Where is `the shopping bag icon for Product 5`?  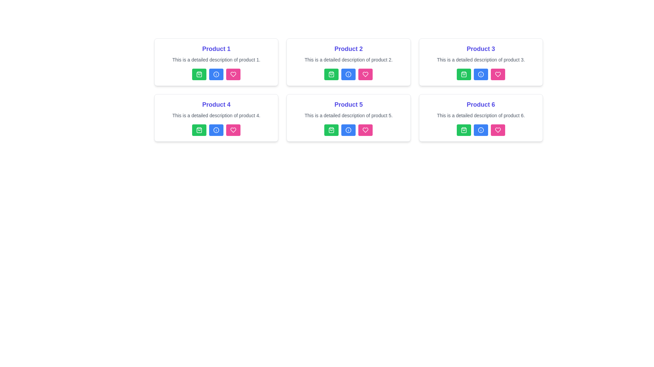
the shopping bag icon for Product 5 is located at coordinates (331, 130).